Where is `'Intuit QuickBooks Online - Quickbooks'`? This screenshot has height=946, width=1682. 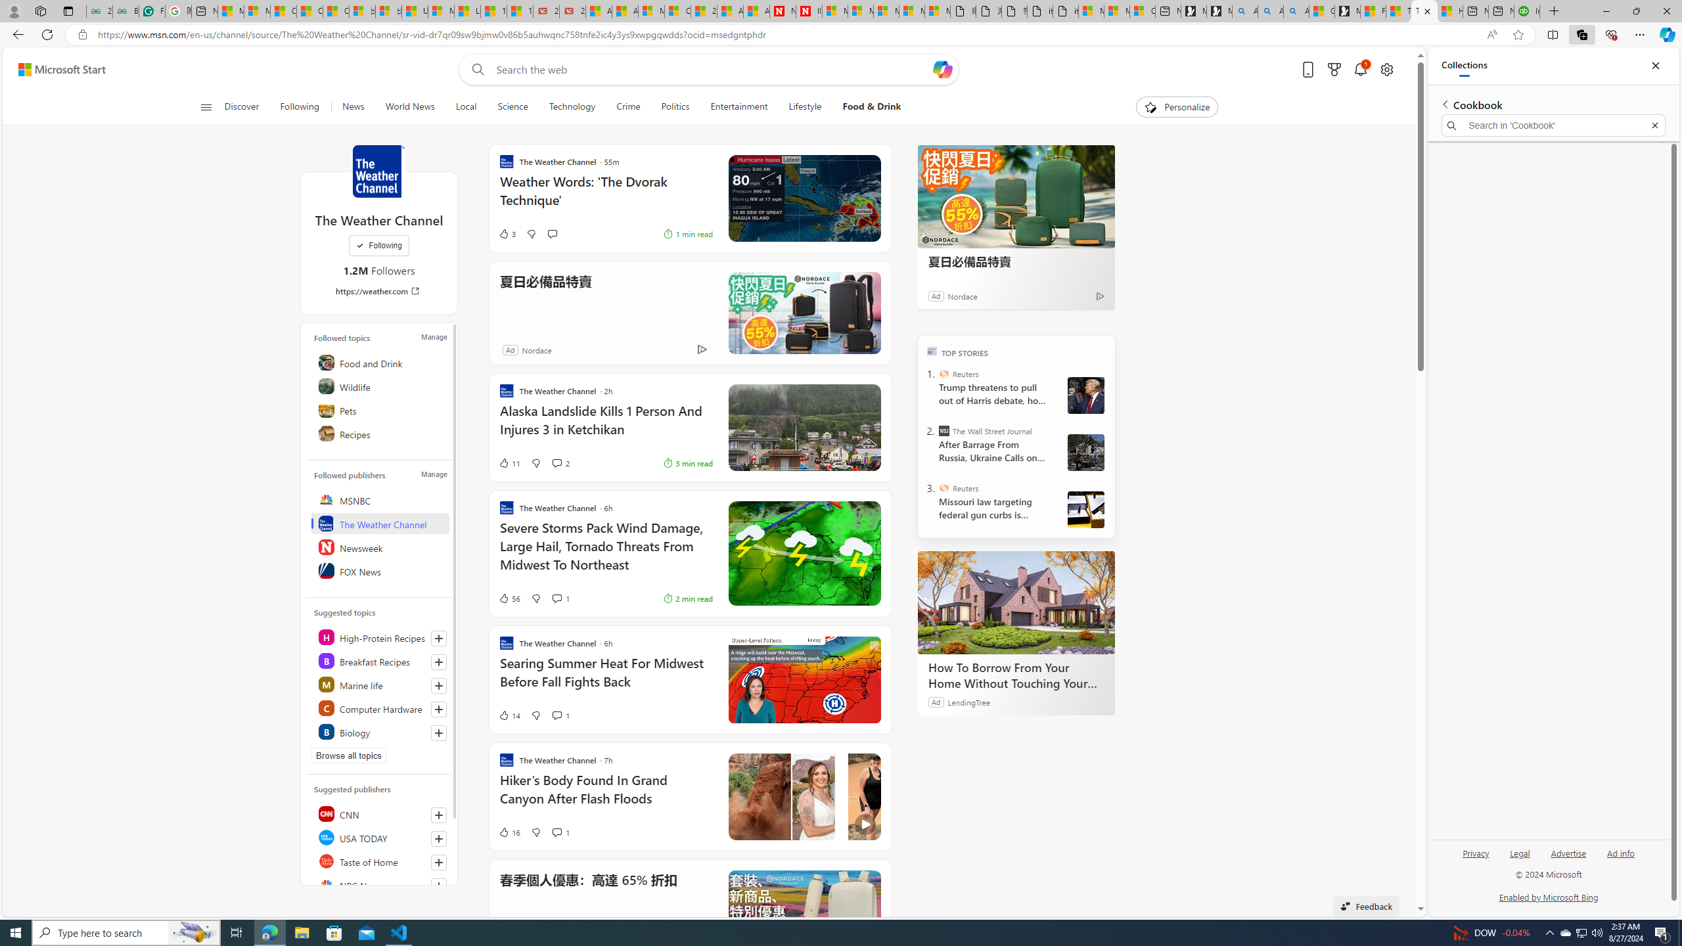
'Intuit QuickBooks Online - Quickbooks' is located at coordinates (1526, 11).